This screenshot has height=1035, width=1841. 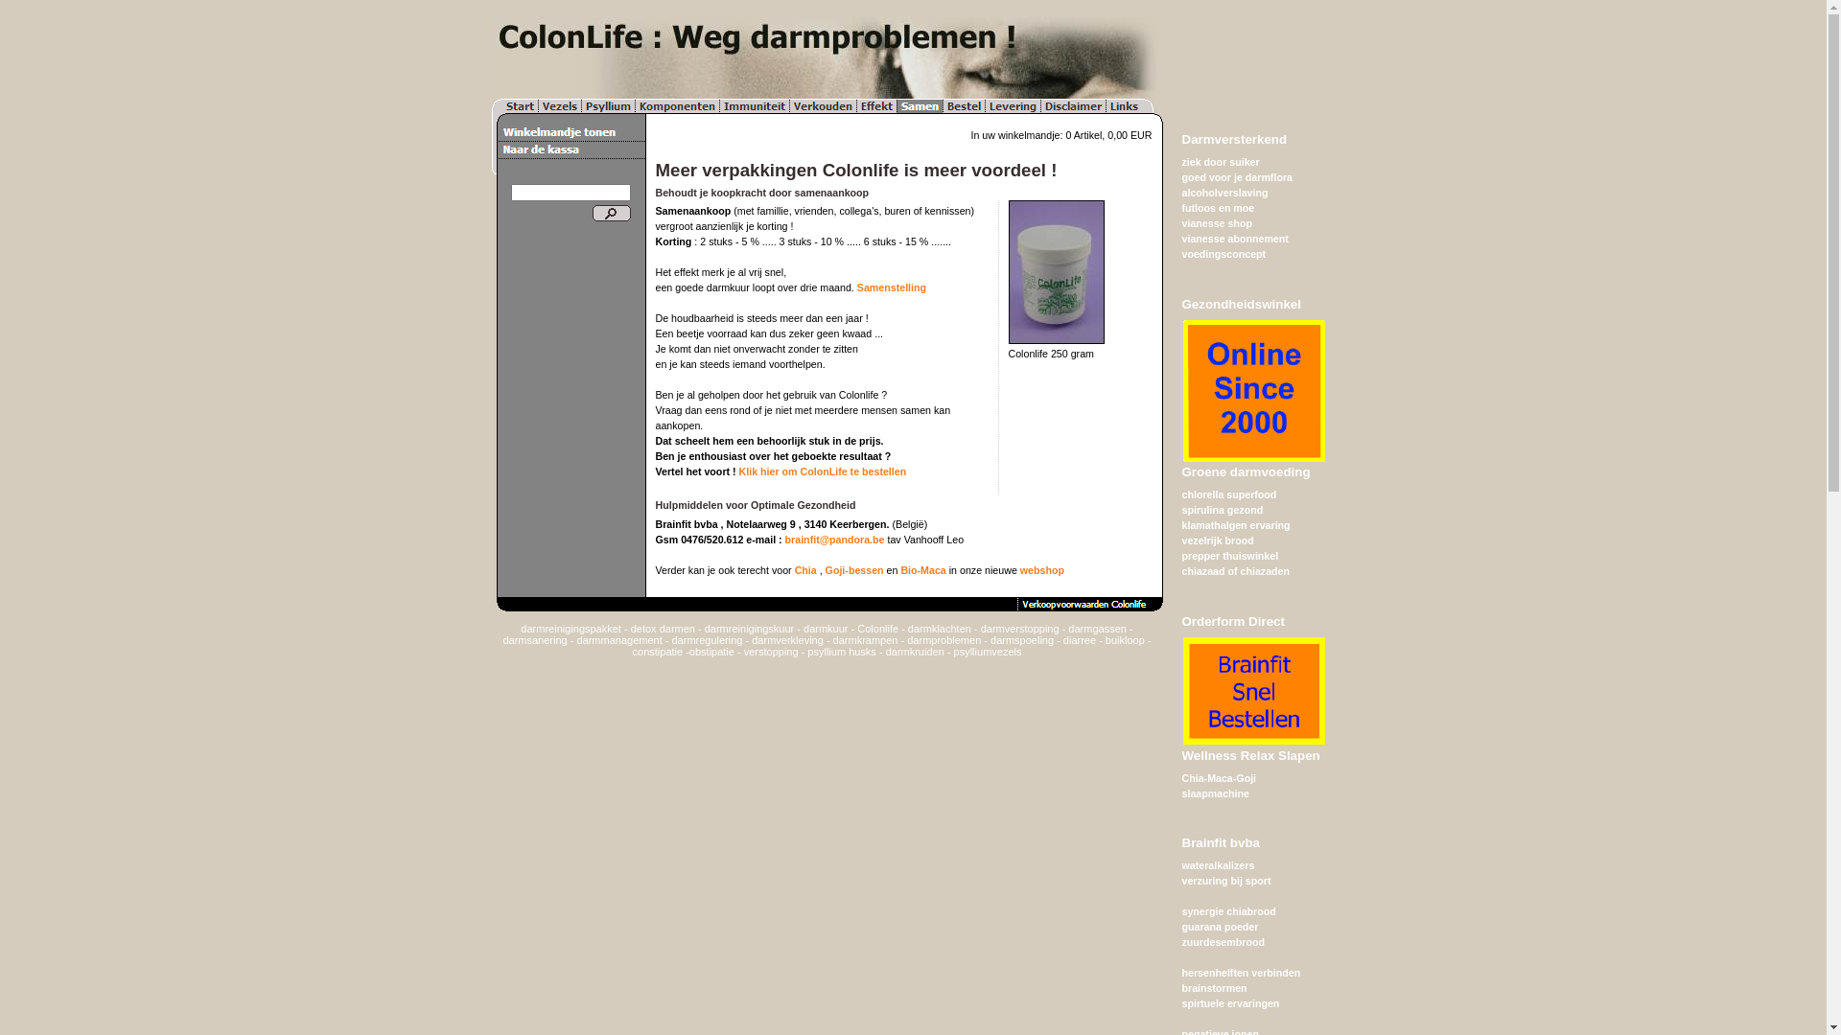 What do you see at coordinates (1234, 238) in the screenshot?
I see `'vianesse abonnement'` at bounding box center [1234, 238].